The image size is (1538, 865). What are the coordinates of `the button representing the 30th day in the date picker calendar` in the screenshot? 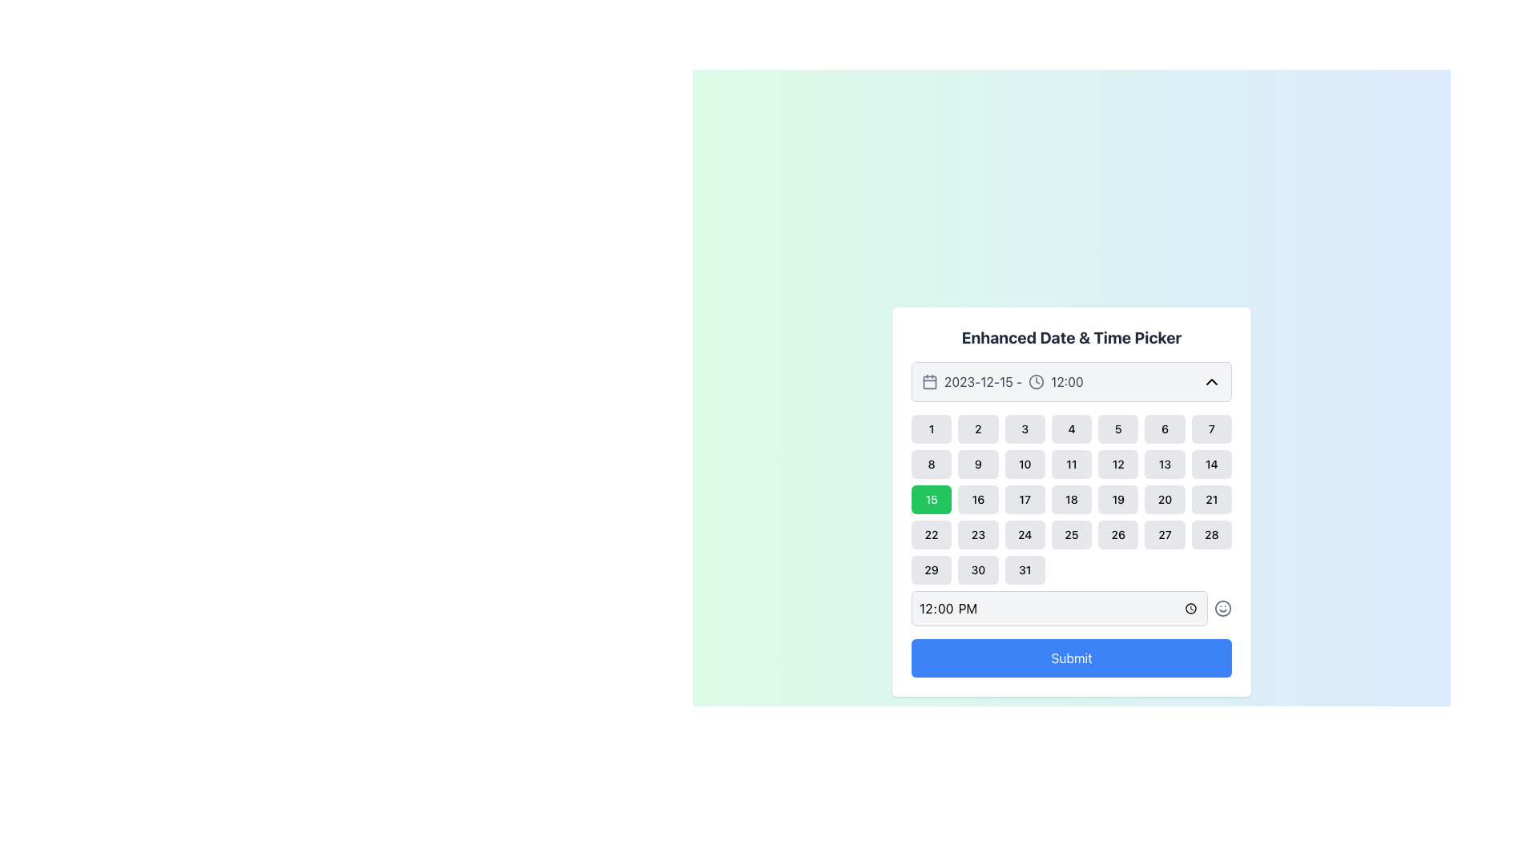 It's located at (977, 569).